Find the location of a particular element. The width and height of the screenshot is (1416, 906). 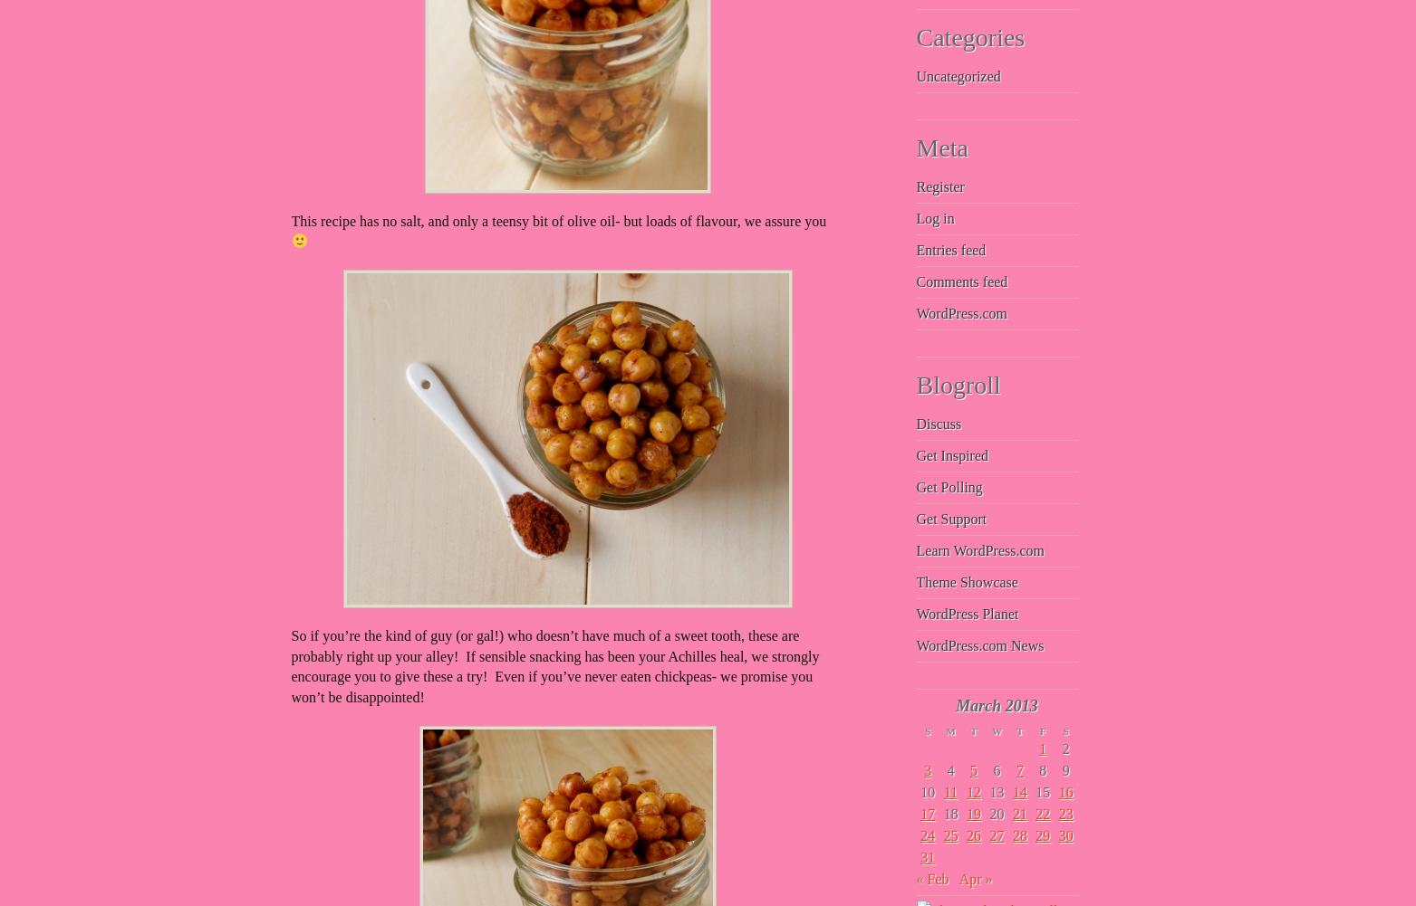

'Uncategorized' is located at coordinates (958, 74).